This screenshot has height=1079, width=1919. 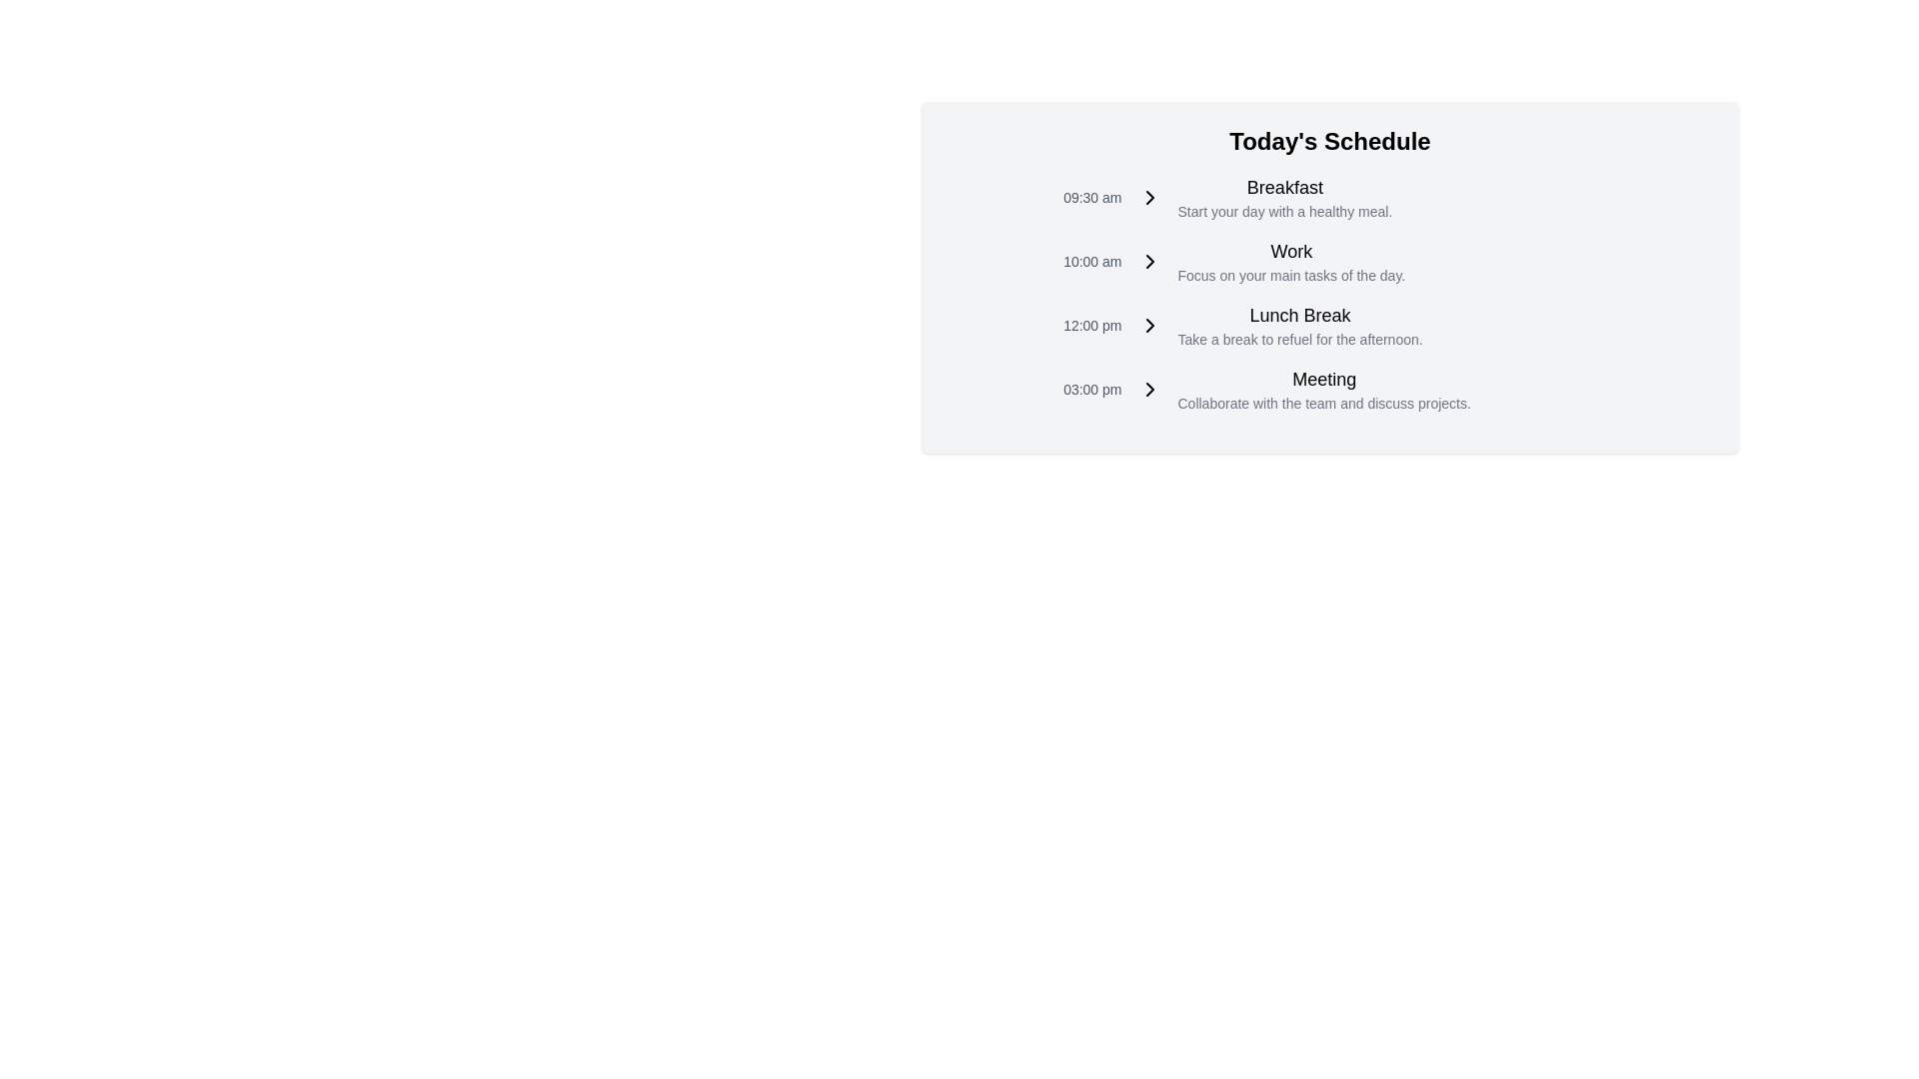 What do you see at coordinates (1284, 188) in the screenshot?
I see `text label for the schedule entry at '09:30 am' in 'Today's Schedule' to understand its content` at bounding box center [1284, 188].